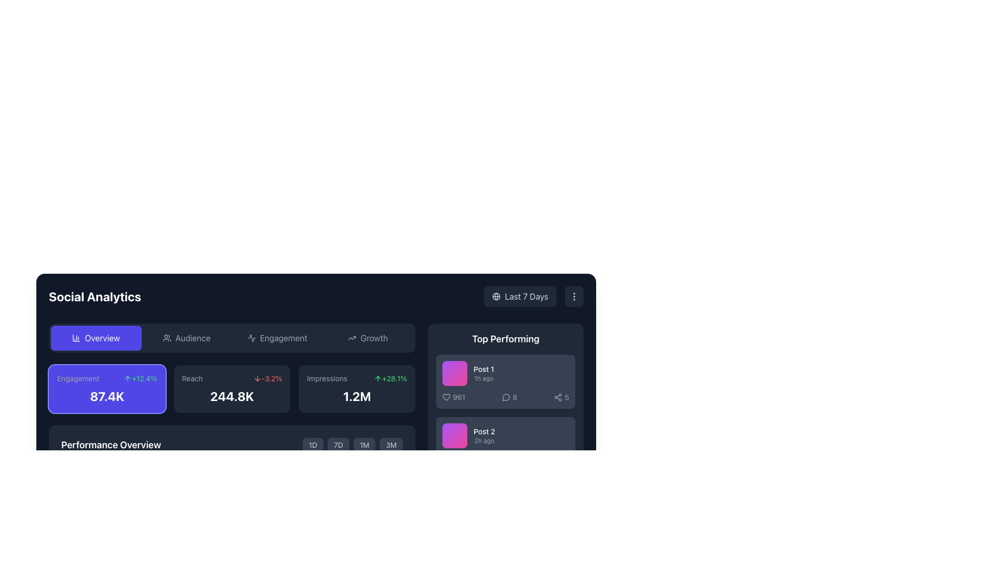 The image size is (997, 561). What do you see at coordinates (506, 444) in the screenshot?
I see `the second post card with a dark gray background and 'Post 2' text` at bounding box center [506, 444].